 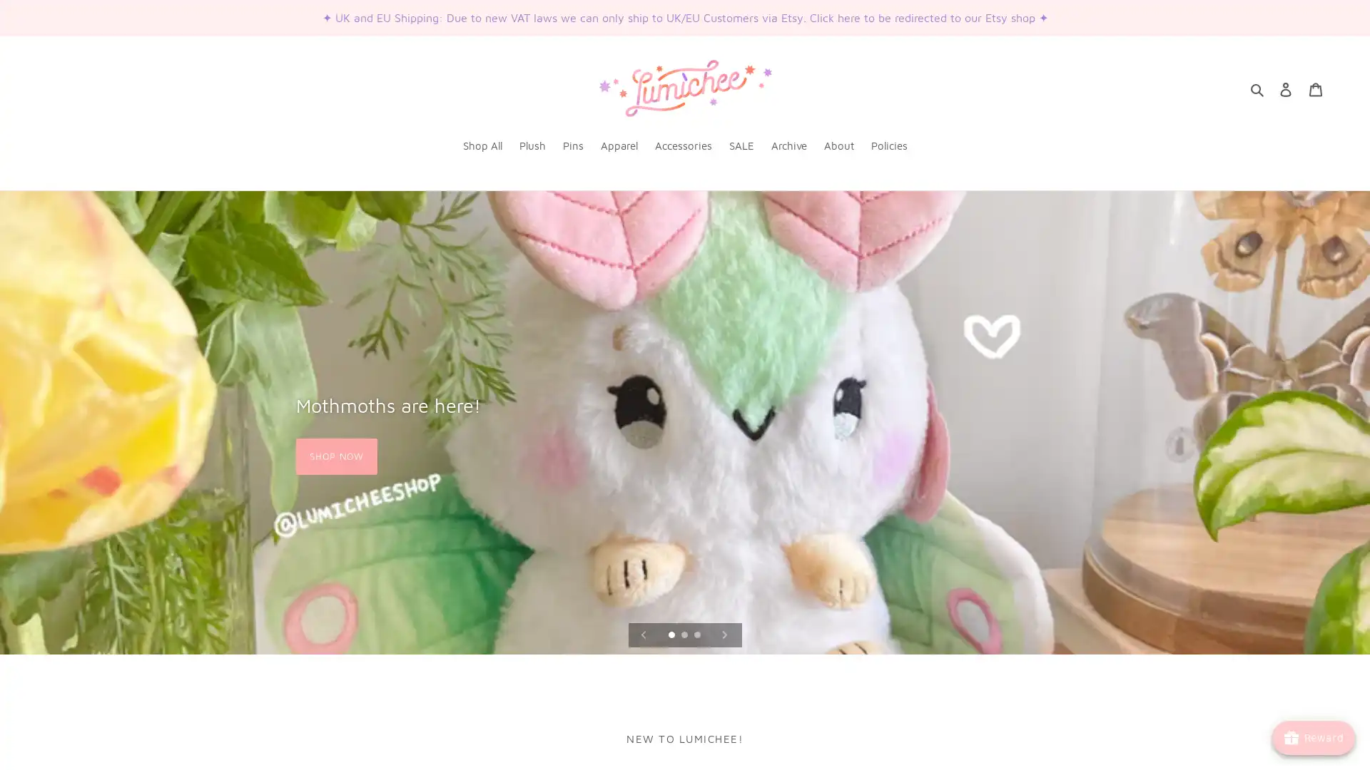 I want to click on Search, so click(x=1257, y=88).